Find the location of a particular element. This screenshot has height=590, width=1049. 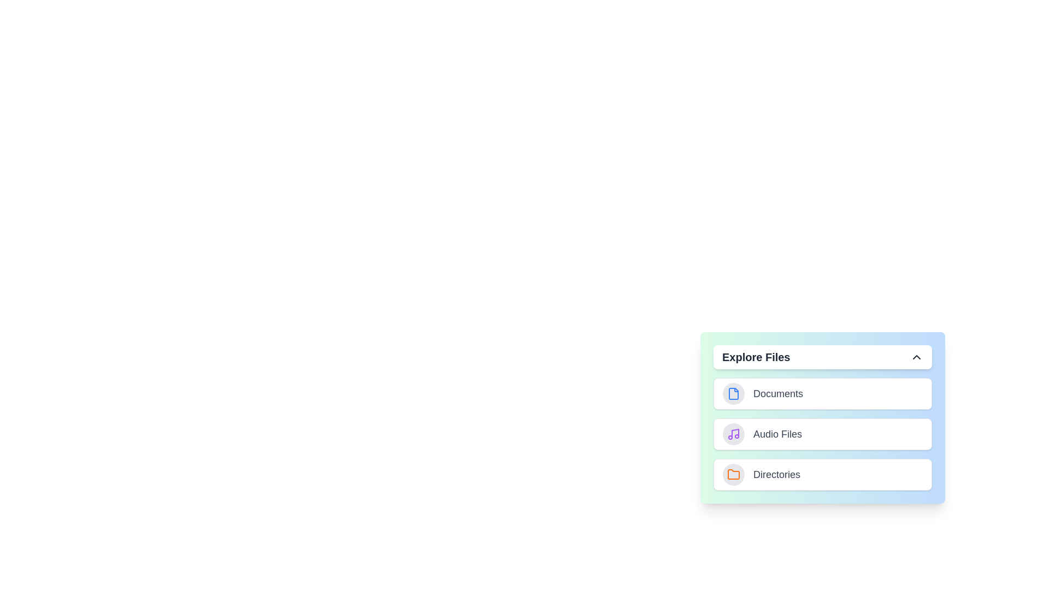

the 'Explore Files' button to toggle the menu's visibility is located at coordinates (823, 357).